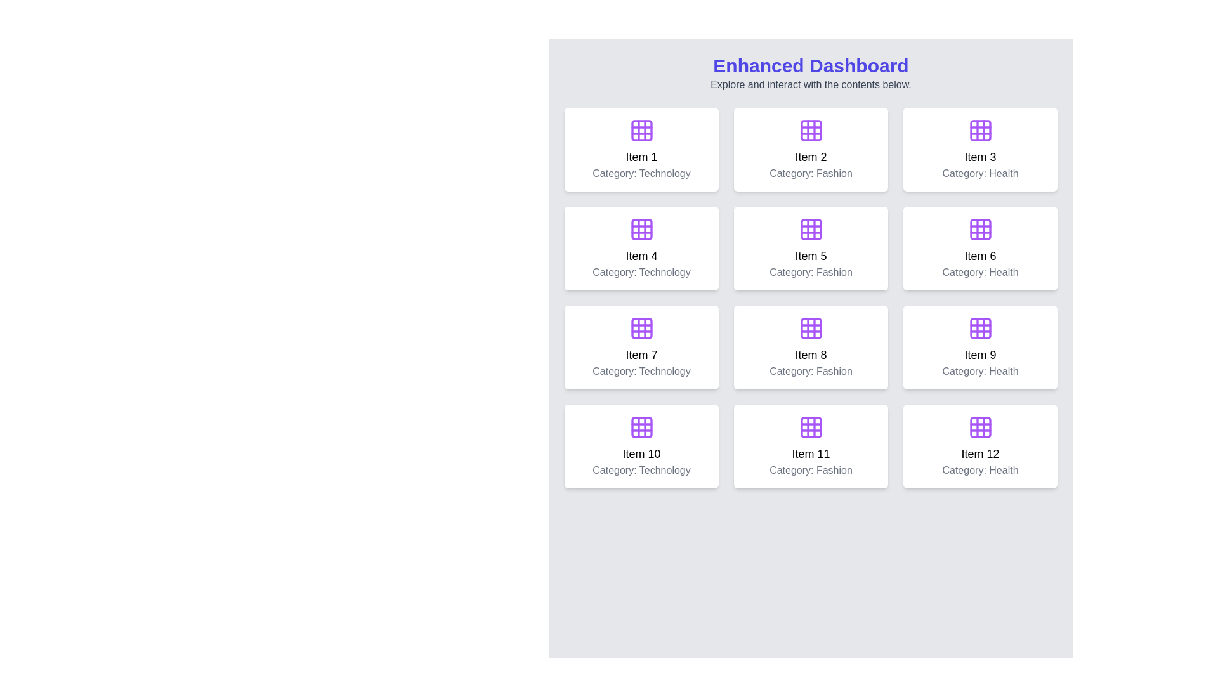 The image size is (1218, 685). I want to click on the text label displaying 'Item 2', which is styled in bold and centered above the category 'Fashion', so click(810, 156).